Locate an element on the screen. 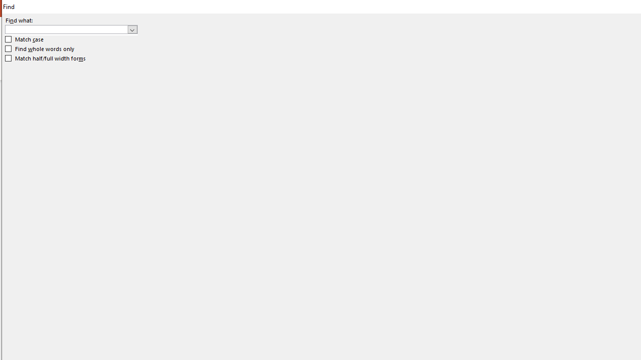 The image size is (641, 360). 'Find whole words only' is located at coordinates (40, 48).